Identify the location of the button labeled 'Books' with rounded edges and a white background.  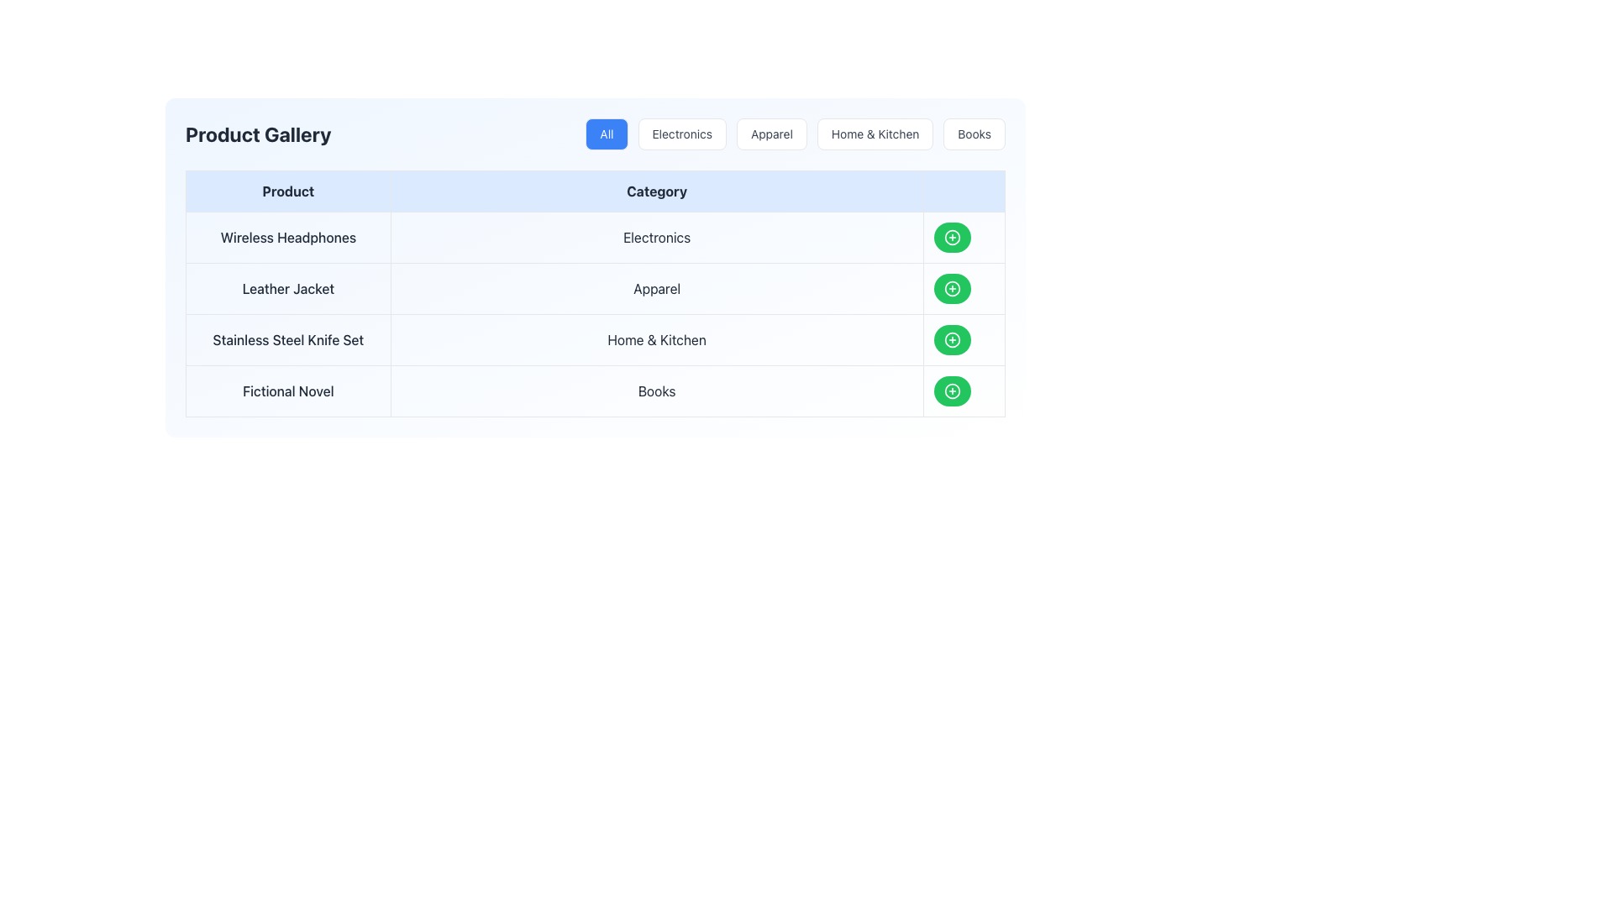
(975, 133).